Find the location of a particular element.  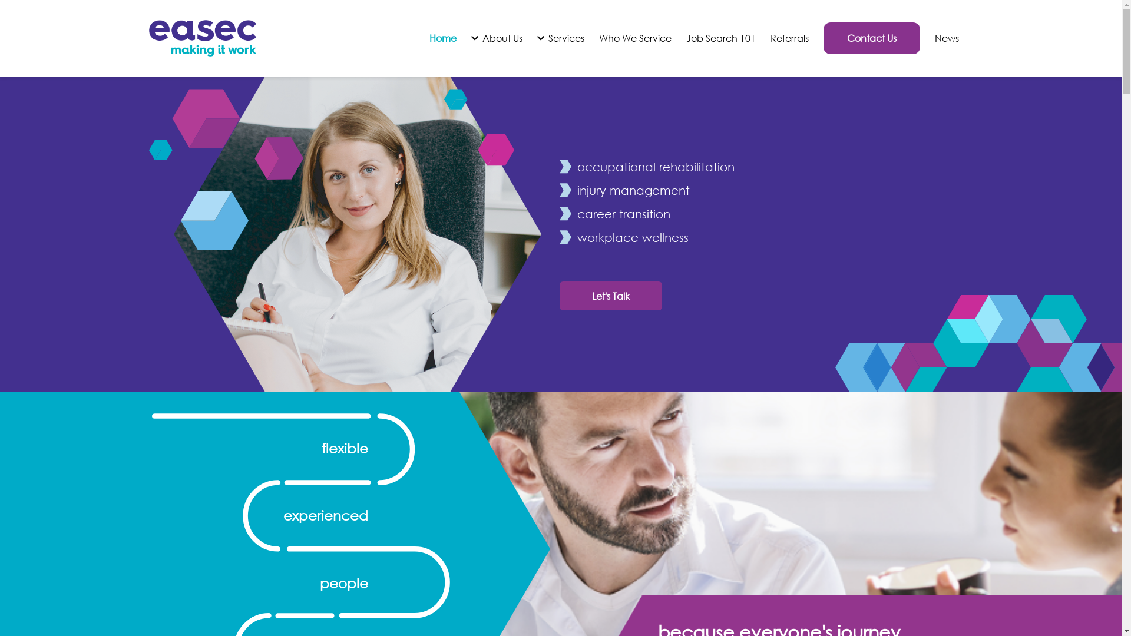

'Contact Us' is located at coordinates (871, 38).